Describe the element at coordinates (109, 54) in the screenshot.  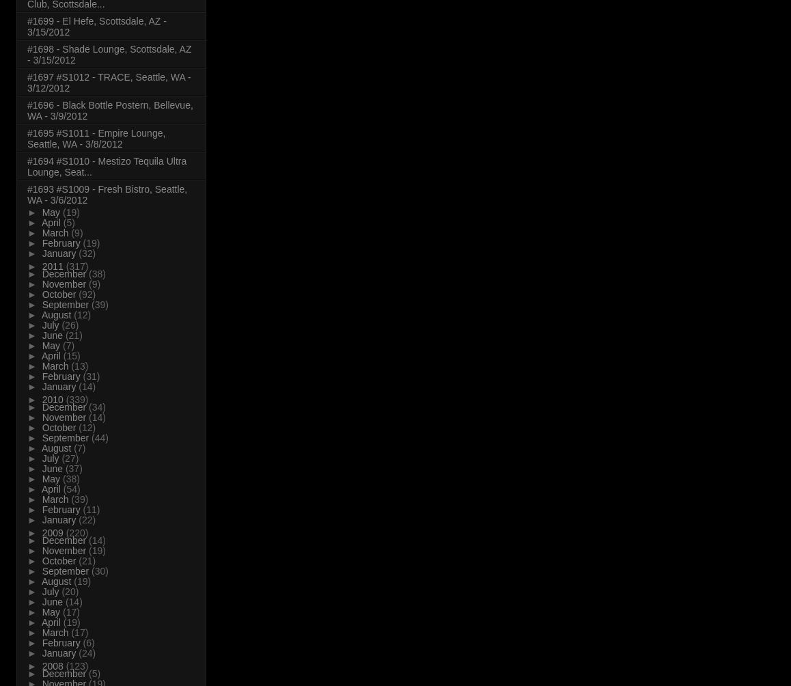
I see `'#1698 - Shade Lounge, Scottsdale, AZ - 3/15/2012'` at that location.